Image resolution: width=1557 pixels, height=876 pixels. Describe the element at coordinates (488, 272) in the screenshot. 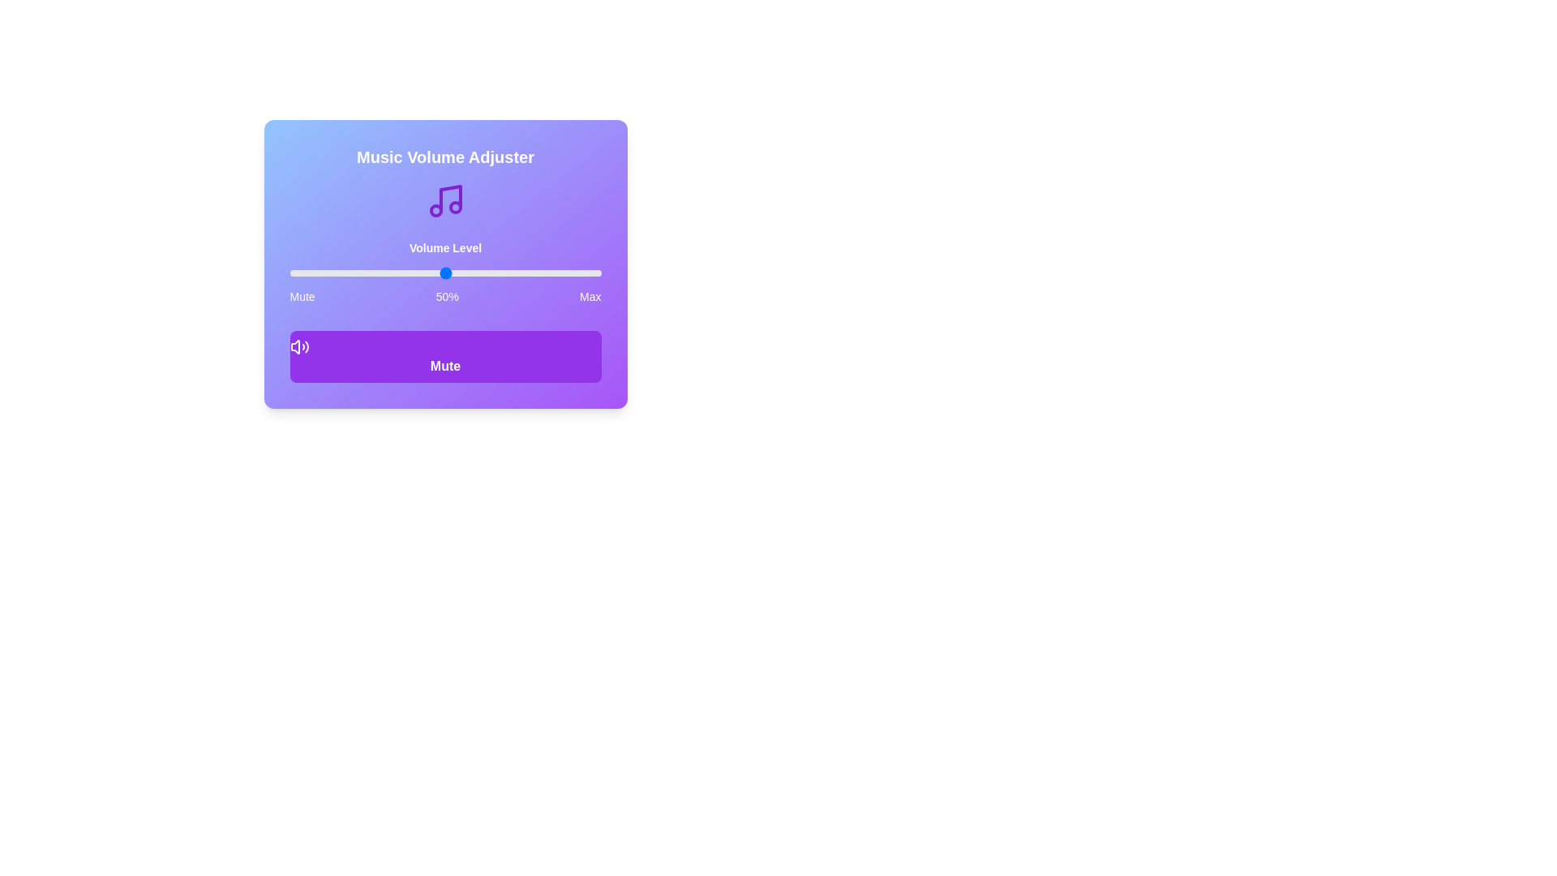

I see `the volume slider to set the volume to 64%` at that location.